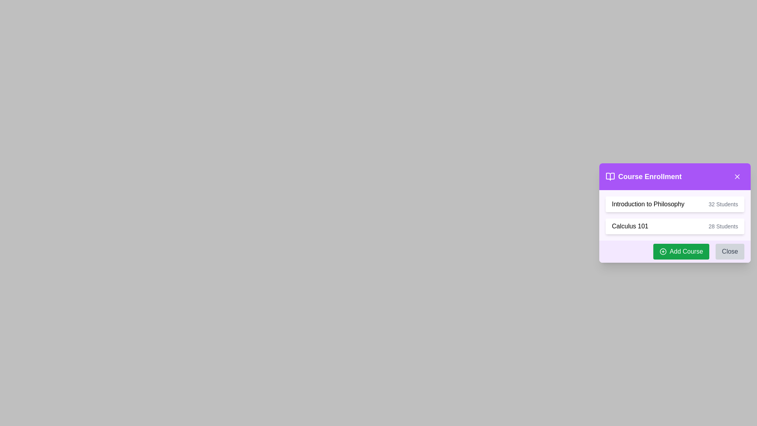  What do you see at coordinates (729, 251) in the screenshot?
I see `the 'Close' button located at the bottom-right corner of the dialog` at bounding box center [729, 251].